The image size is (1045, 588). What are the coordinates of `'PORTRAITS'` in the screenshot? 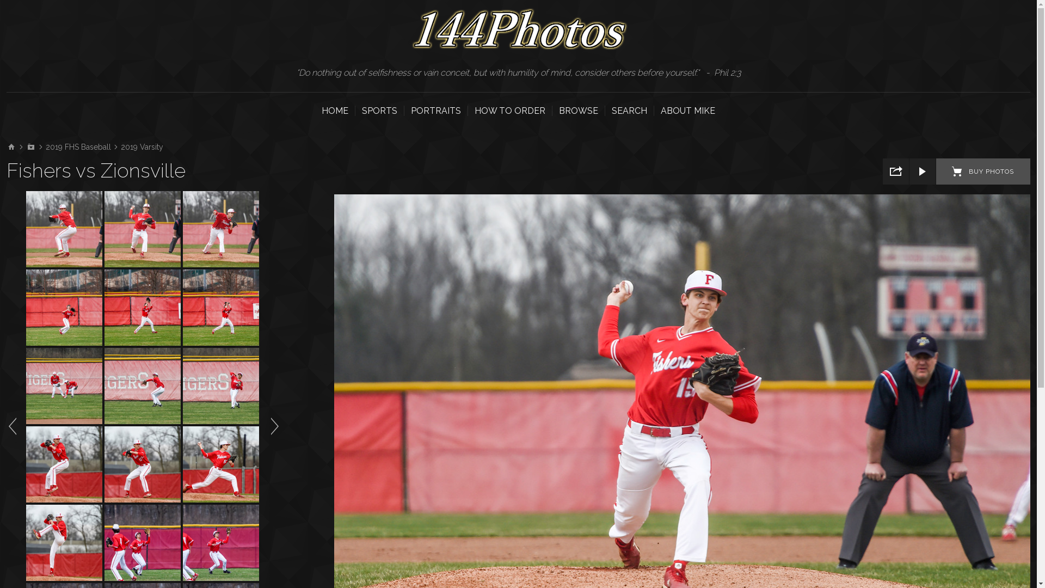 It's located at (436, 111).